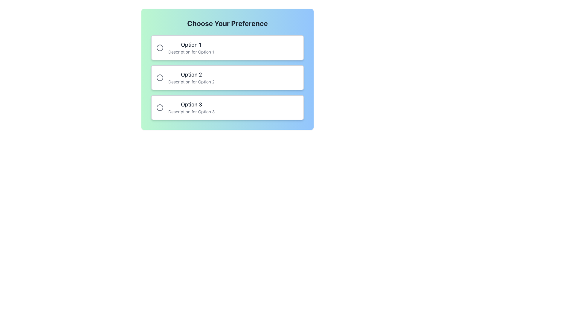  Describe the element at coordinates (160, 107) in the screenshot. I see `the radio button labeled 'Option 3'` at that location.